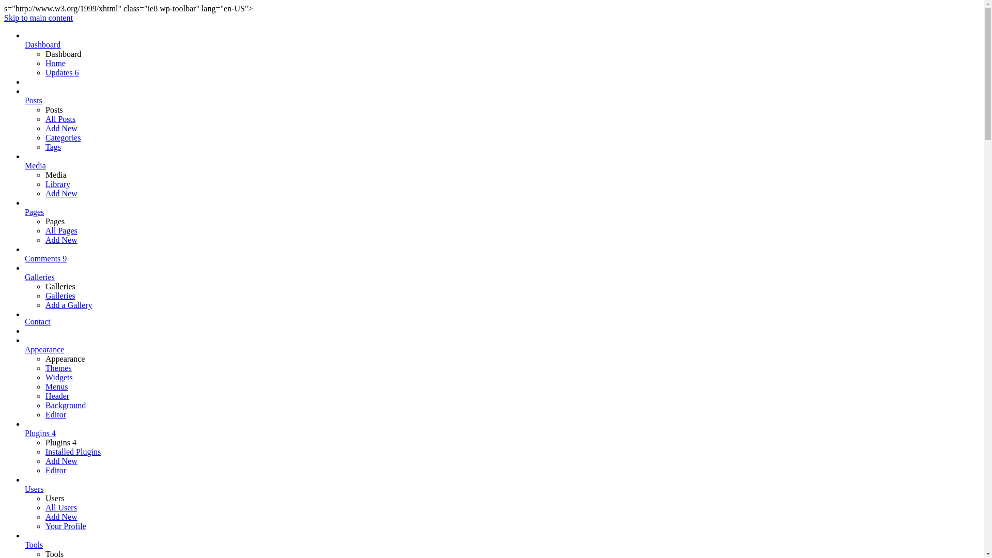 The image size is (992, 558). What do you see at coordinates (60, 507) in the screenshot?
I see `'All Users'` at bounding box center [60, 507].